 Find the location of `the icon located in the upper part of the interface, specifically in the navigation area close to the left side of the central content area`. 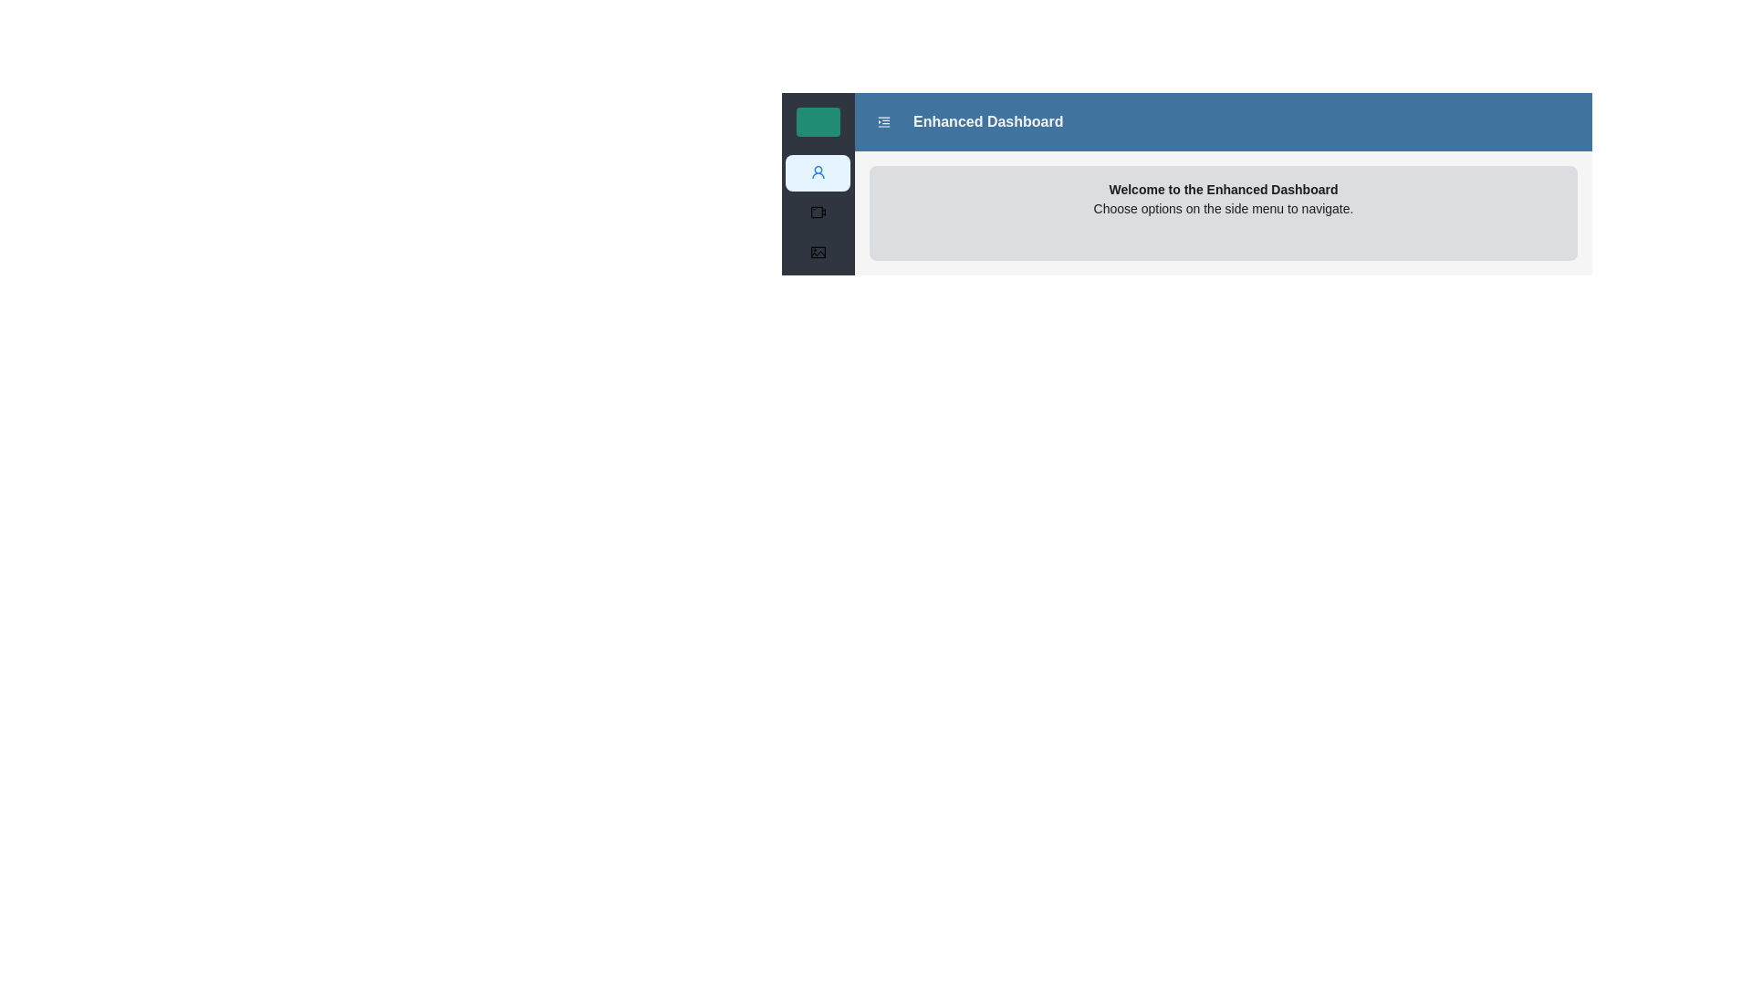

the icon located in the upper part of the interface, specifically in the navigation area close to the left side of the central content area is located at coordinates (884, 121).